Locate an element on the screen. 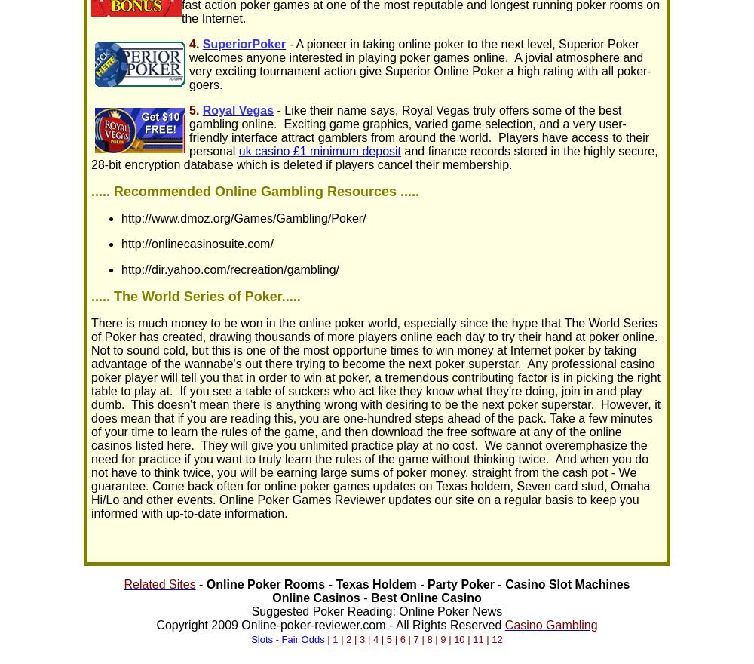 This screenshot has width=754, height=664. 'http://www.dmoz.org/Games/Gambling/Poker/' is located at coordinates (243, 218).